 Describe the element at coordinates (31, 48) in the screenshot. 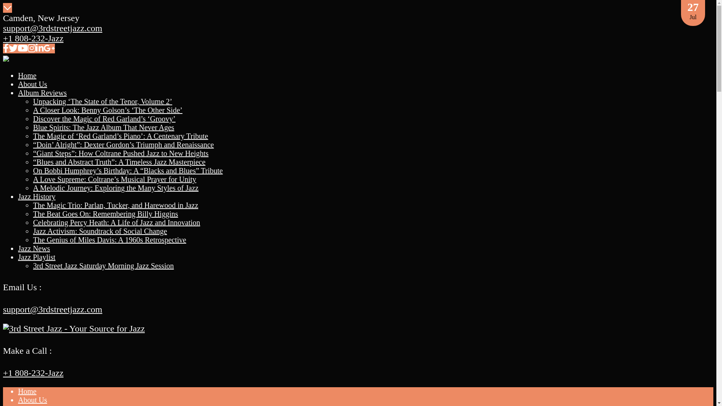

I see `'instagram'` at that location.